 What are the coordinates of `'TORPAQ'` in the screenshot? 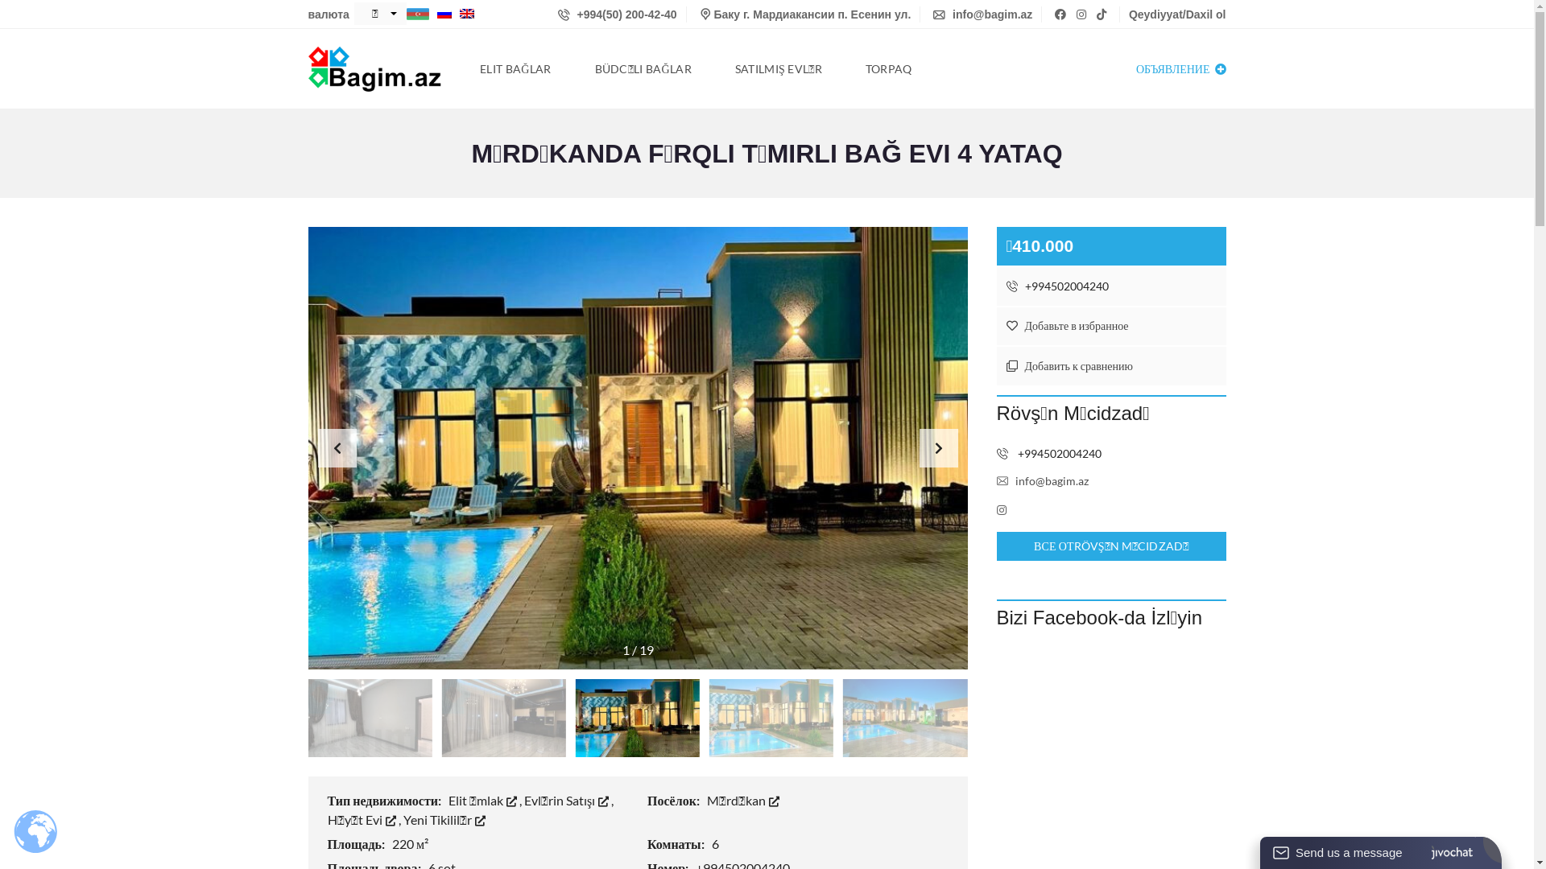 It's located at (888, 68).